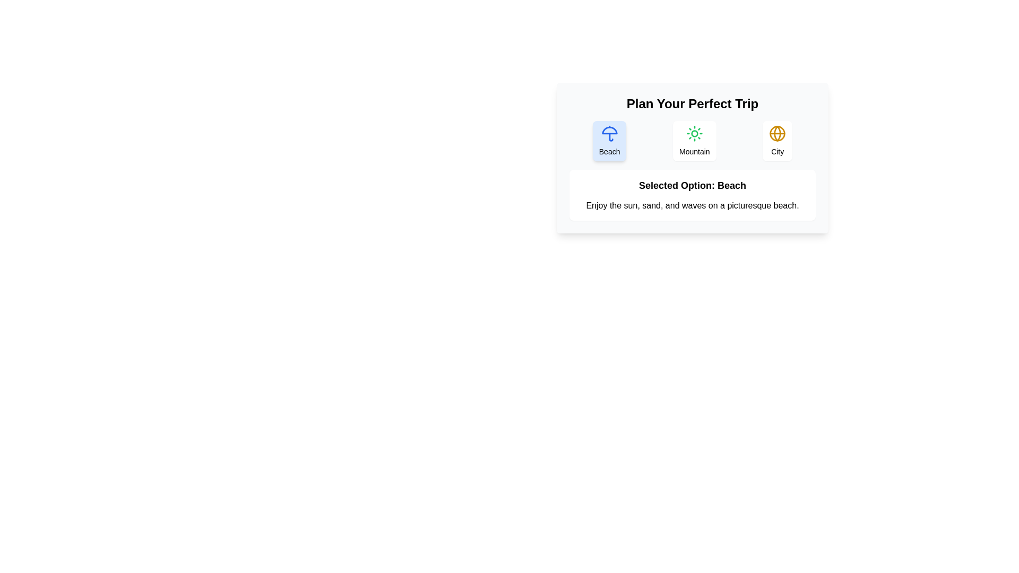 This screenshot has height=573, width=1019. I want to click on the globe icon, which represents a City or global aspect, located as the third item in the row of options (Beach, Mountain, City) in the center-top area of the card-like interface, so click(778, 133).